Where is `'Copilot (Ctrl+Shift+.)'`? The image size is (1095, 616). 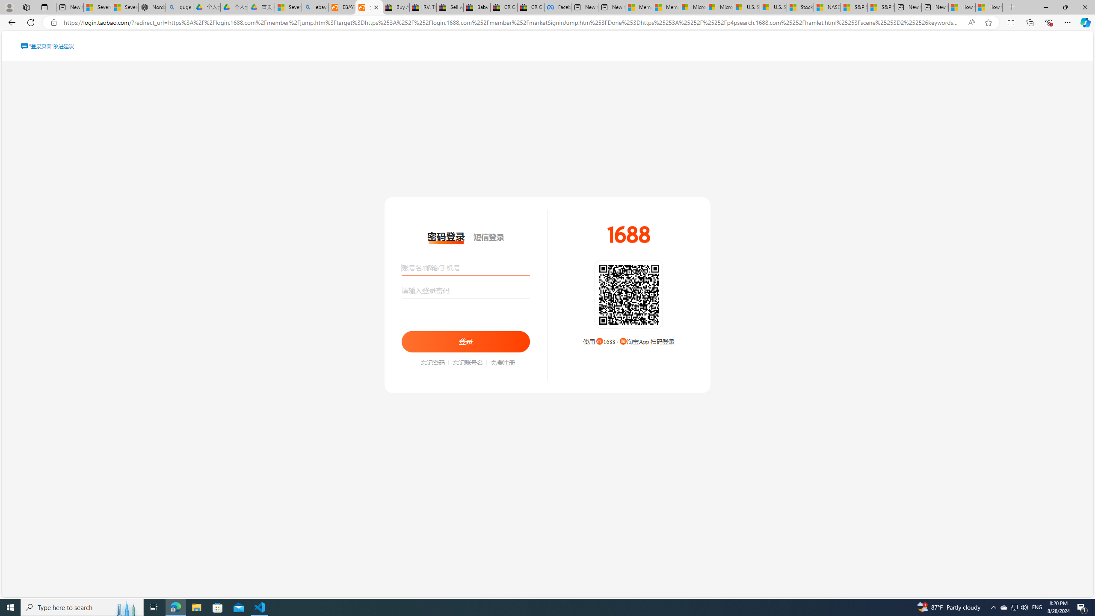
'Copilot (Ctrl+Shift+.)' is located at coordinates (1084, 22).